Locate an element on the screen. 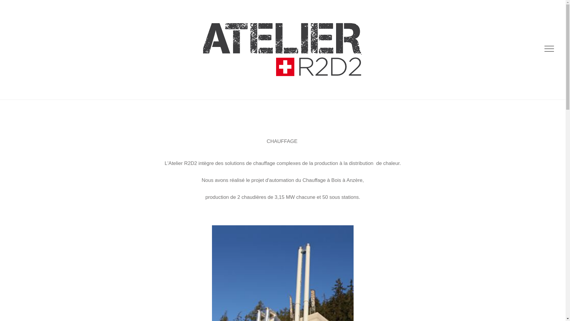 Image resolution: width=570 pixels, height=321 pixels. 'MENU' is located at coordinates (548, 49).